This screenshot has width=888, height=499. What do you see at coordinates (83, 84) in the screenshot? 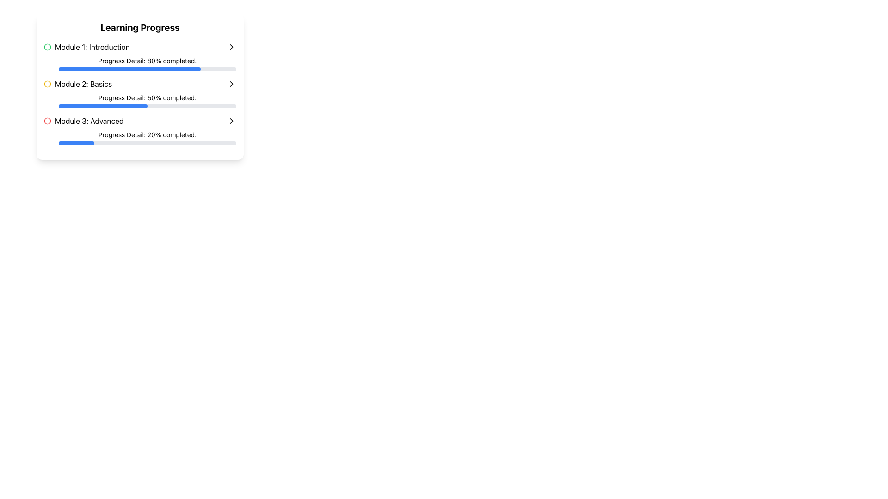
I see `the text label that reads 'Module 2: Basics.' which is part of a vertical list of modules, positioned between 'Module 1: Introduction' and 'Module 3: Advanced.'` at bounding box center [83, 84].